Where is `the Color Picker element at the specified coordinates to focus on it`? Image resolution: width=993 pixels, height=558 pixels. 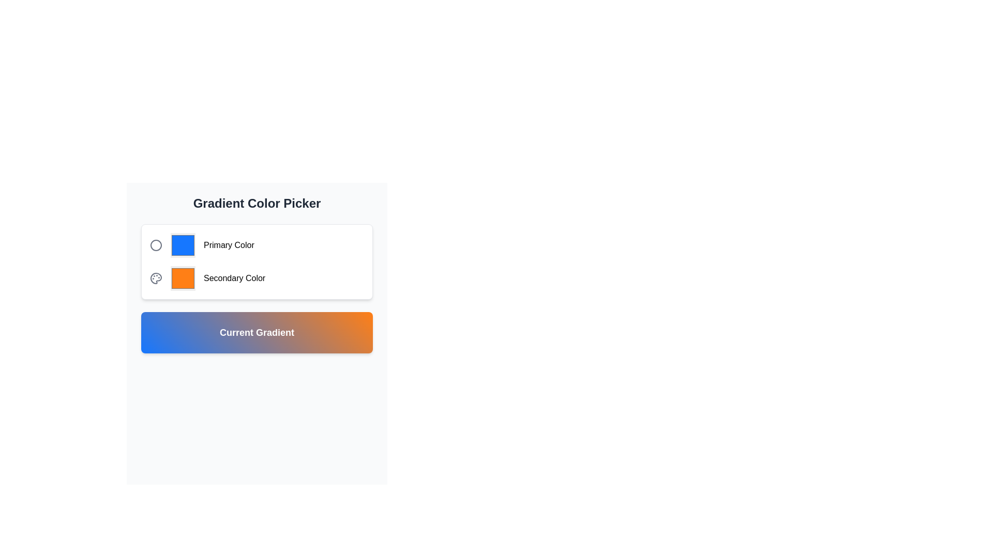
the Color Picker element at the specified coordinates to focus on it is located at coordinates (257, 245).